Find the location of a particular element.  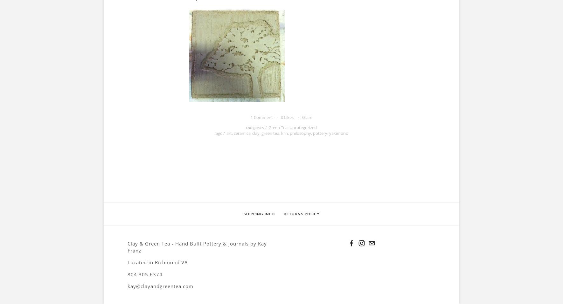

'categories' is located at coordinates (255, 127).